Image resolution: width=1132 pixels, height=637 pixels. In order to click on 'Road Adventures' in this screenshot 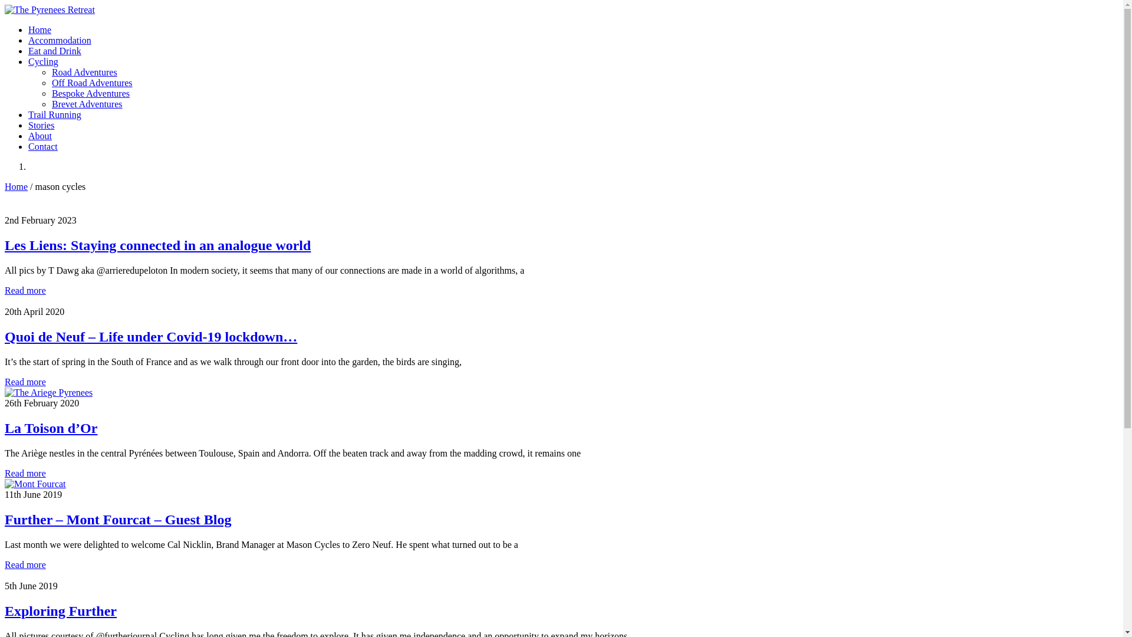, I will do `click(51, 72)`.